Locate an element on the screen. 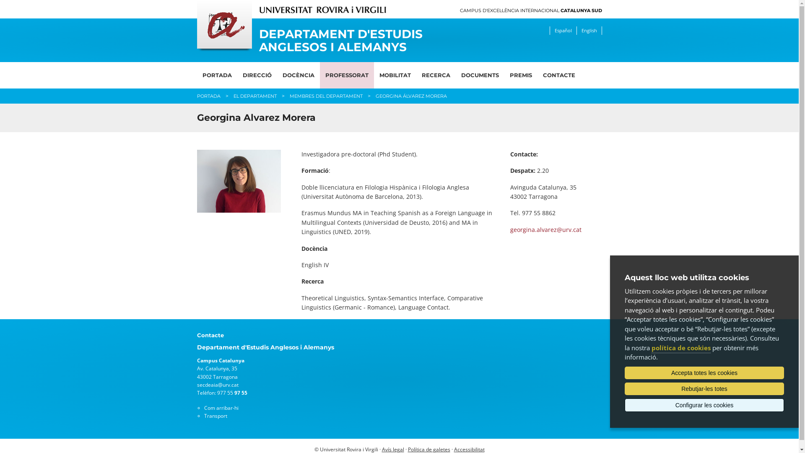  'DOCUMENTS' is located at coordinates (479, 75).